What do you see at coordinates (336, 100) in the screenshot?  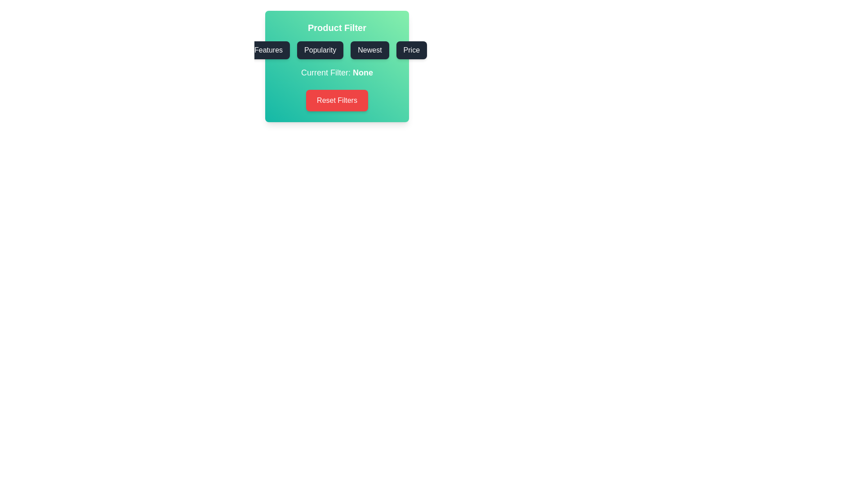 I see `the 'Reset Filters' button to reset the currently selected filter` at bounding box center [336, 100].